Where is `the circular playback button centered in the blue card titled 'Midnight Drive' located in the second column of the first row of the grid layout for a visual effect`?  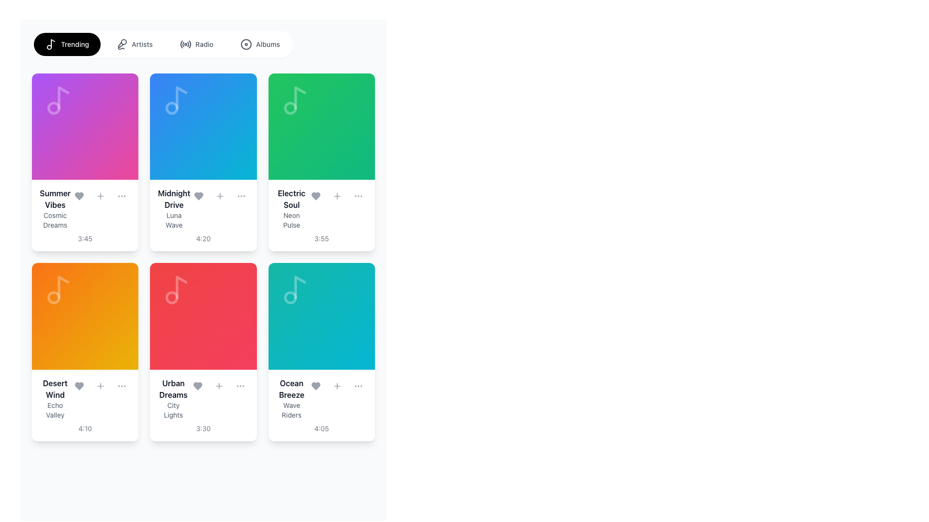
the circular playback button centered in the blue card titled 'Midnight Drive' located in the second column of the first row of the grid layout for a visual effect is located at coordinates (203, 126).